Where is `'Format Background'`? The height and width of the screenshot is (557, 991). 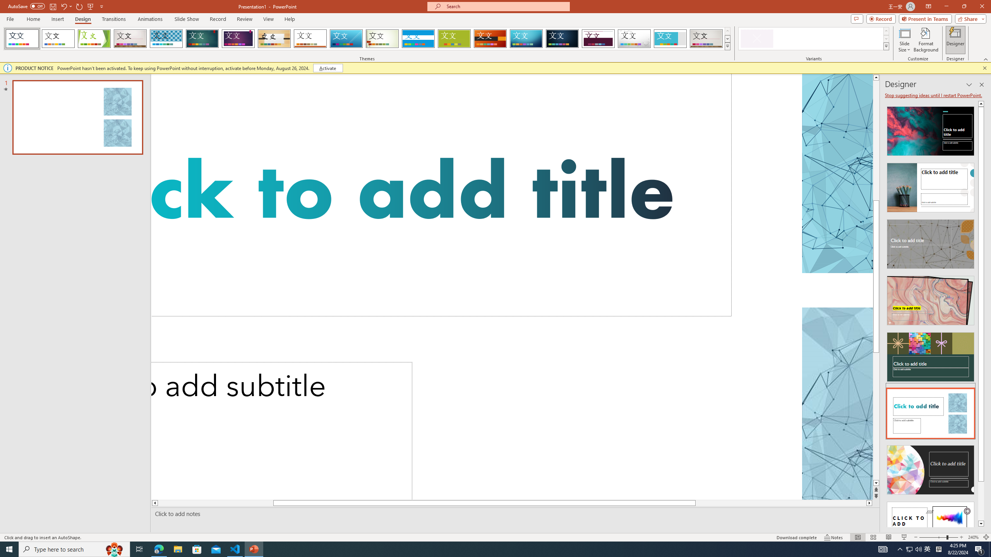
'Format Background' is located at coordinates (926, 40).